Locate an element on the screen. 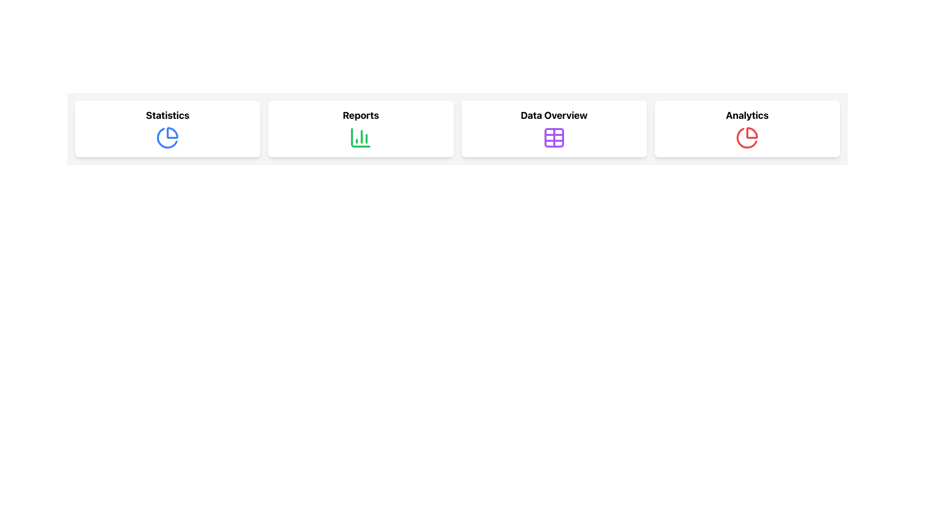  the SVG graphic icon representing the data overview feature, located in the center-bottom area of the 'Data Overview' card, which is the third card from the left in the grid is located at coordinates (554, 137).